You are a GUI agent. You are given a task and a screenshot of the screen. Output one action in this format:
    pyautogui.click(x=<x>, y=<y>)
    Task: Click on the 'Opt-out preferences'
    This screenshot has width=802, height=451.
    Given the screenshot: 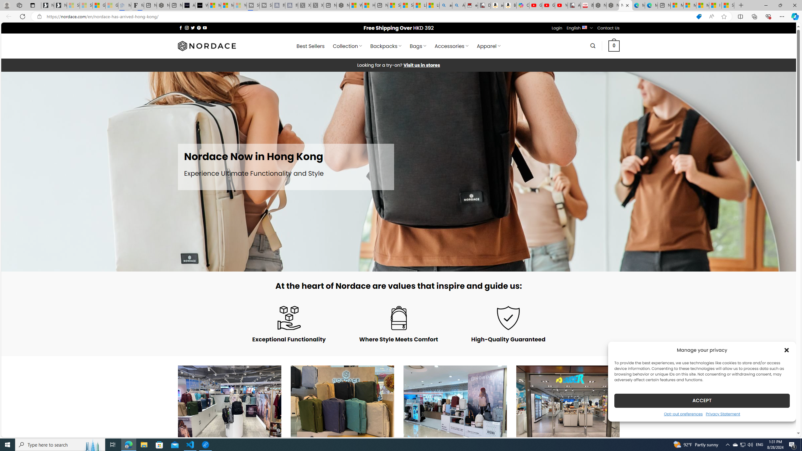 What is the action you would take?
    pyautogui.click(x=683, y=413)
    